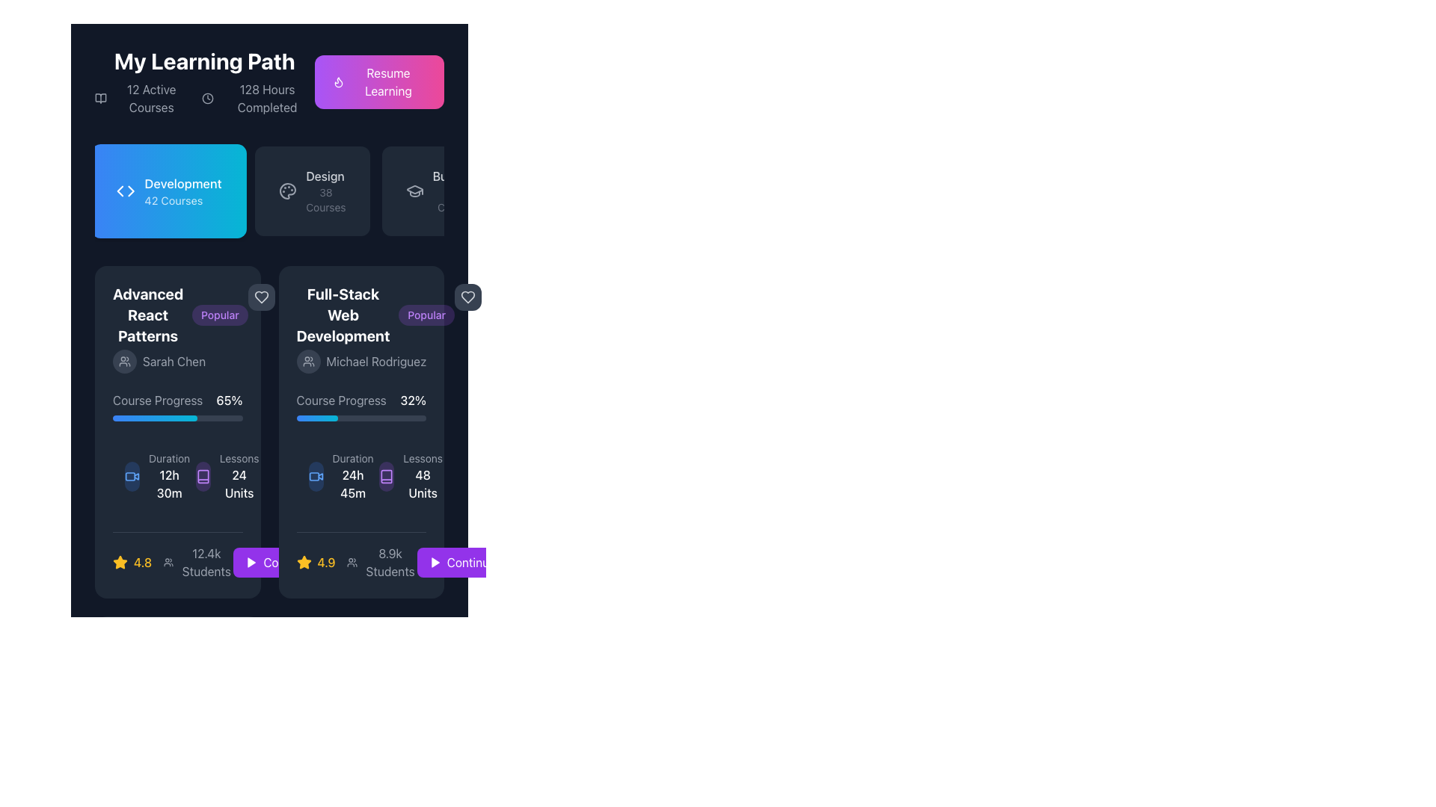  What do you see at coordinates (287, 562) in the screenshot?
I see `the button located at the bottom-right corner of the 'Full-Stack Web Development' course card` at bounding box center [287, 562].